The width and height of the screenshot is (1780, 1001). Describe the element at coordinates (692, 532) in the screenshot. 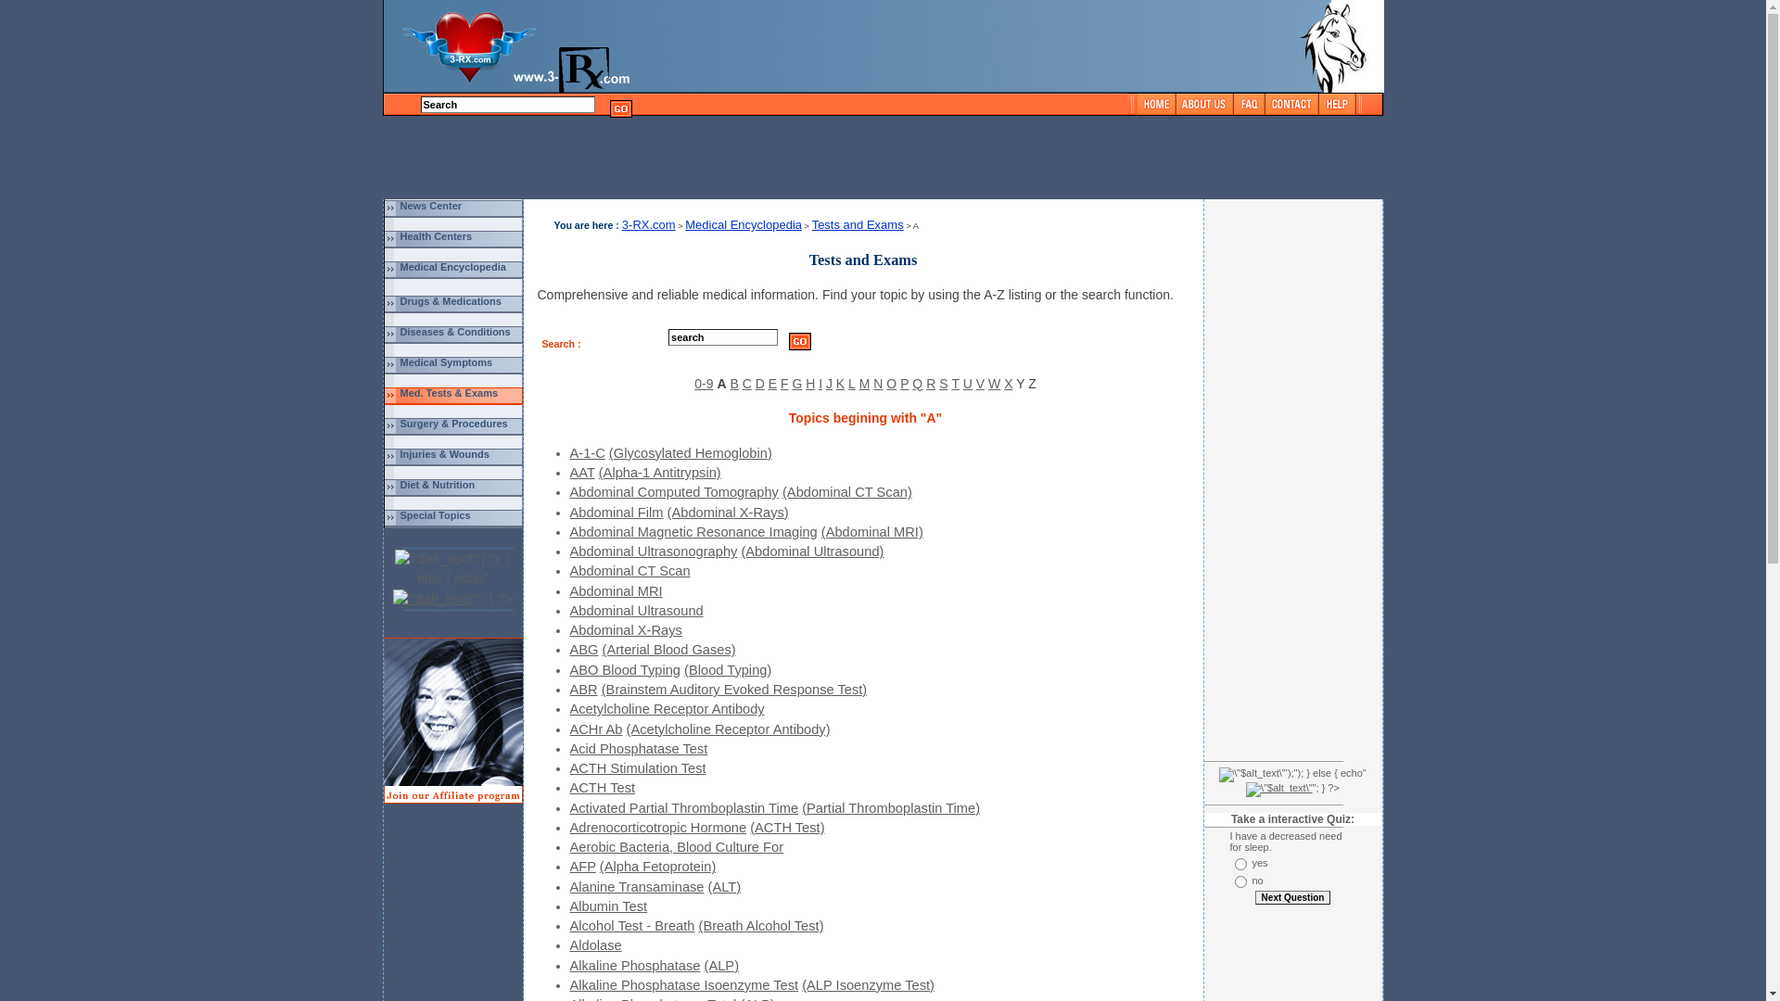

I see `'Abdominal Magnetic Resonance Imaging'` at that location.